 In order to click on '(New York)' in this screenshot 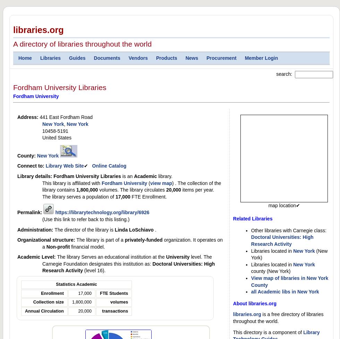, I will do `click(251, 253)`.